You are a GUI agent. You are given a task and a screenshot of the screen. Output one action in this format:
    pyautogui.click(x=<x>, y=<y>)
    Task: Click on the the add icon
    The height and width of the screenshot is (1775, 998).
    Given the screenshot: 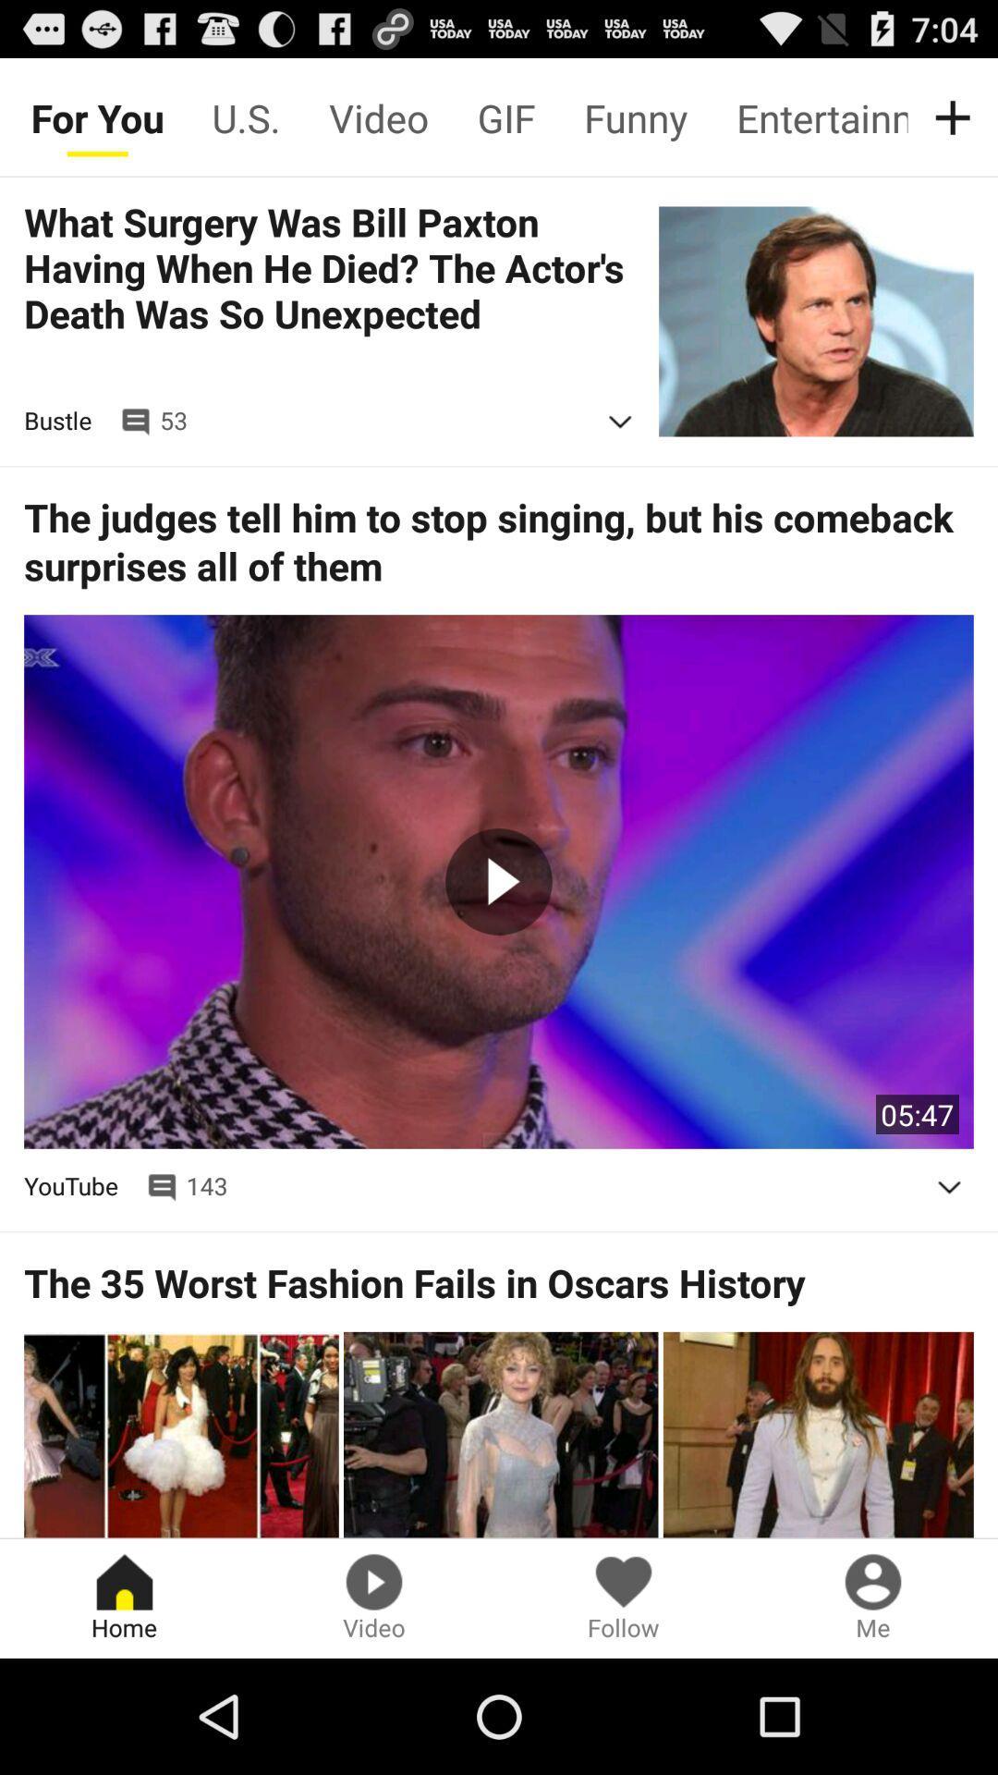 What is the action you would take?
    pyautogui.click(x=956, y=125)
    